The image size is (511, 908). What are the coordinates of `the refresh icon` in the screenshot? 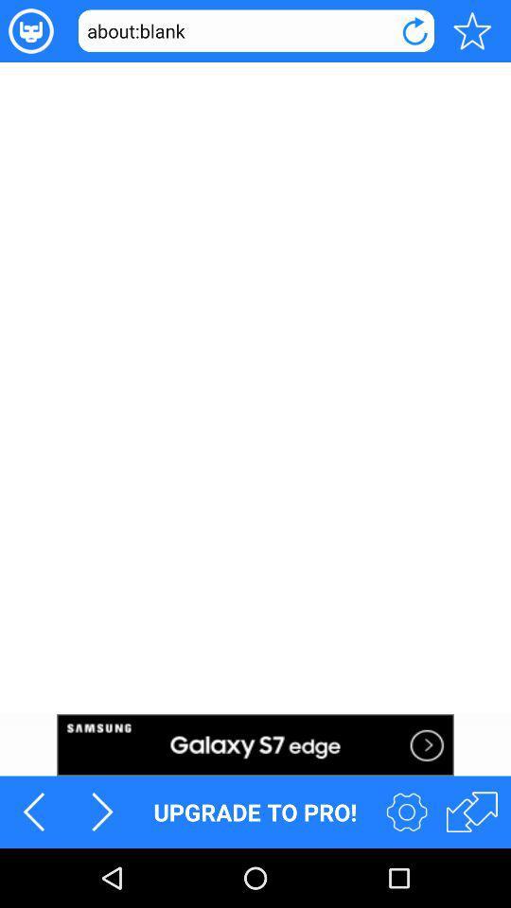 It's located at (414, 32).